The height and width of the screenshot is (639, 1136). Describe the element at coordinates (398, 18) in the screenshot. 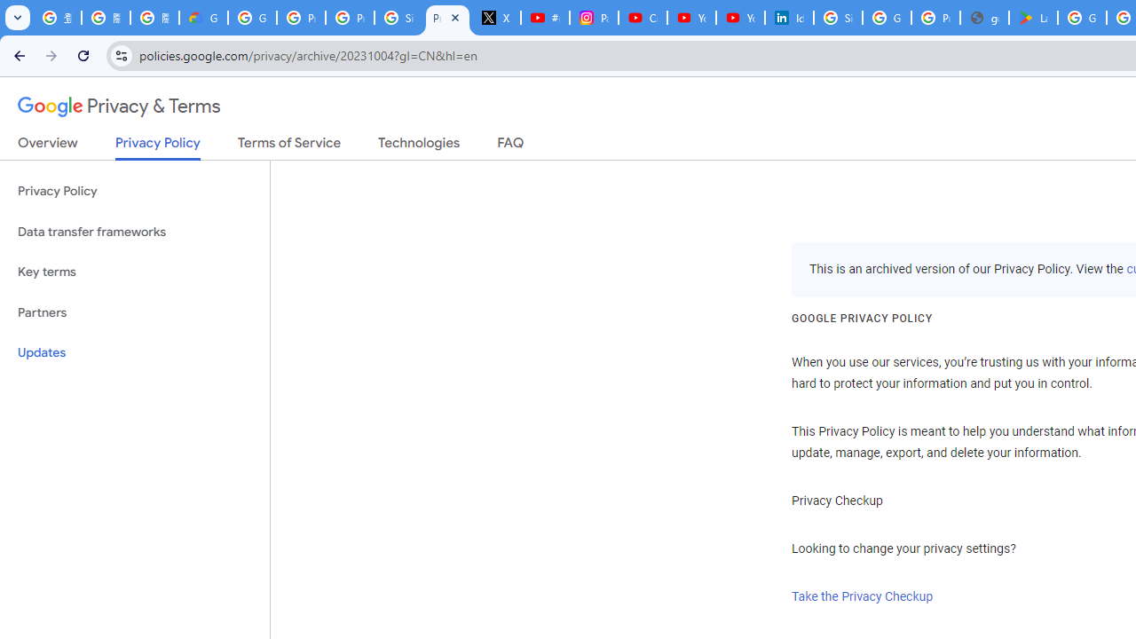

I see `'Sign in - Google Accounts'` at that location.